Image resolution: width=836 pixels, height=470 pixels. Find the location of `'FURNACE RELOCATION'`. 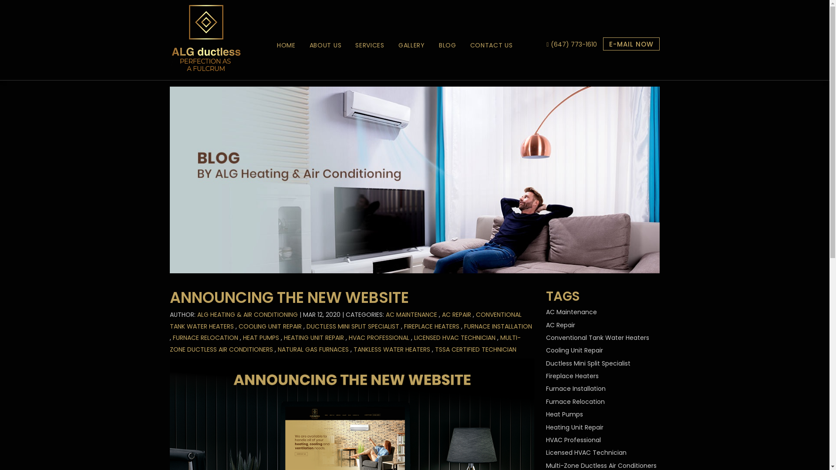

'FURNACE RELOCATION' is located at coordinates (173, 337).